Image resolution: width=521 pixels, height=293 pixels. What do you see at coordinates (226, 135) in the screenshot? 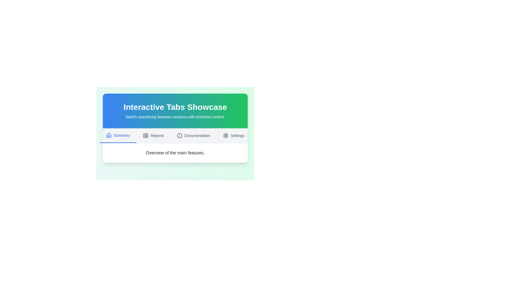
I see `the gear icon representing the 'Settings' tab, which is located to the far right of the tab bar under 'Interactive Tabs Showcase'` at bounding box center [226, 135].